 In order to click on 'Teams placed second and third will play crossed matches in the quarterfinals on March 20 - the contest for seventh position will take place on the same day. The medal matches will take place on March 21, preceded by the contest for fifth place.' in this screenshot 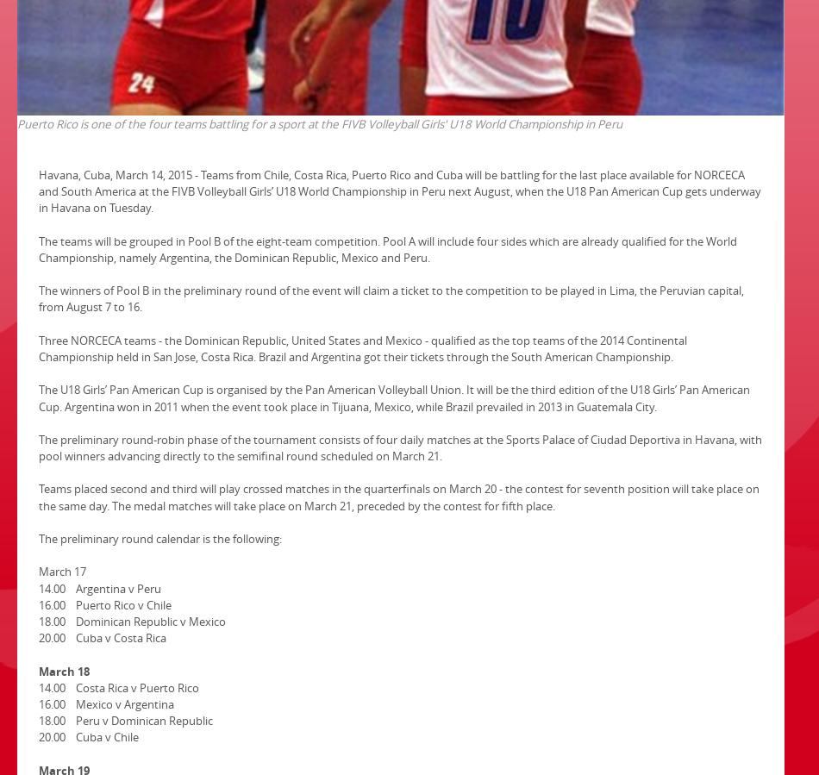, I will do `click(398, 497)`.